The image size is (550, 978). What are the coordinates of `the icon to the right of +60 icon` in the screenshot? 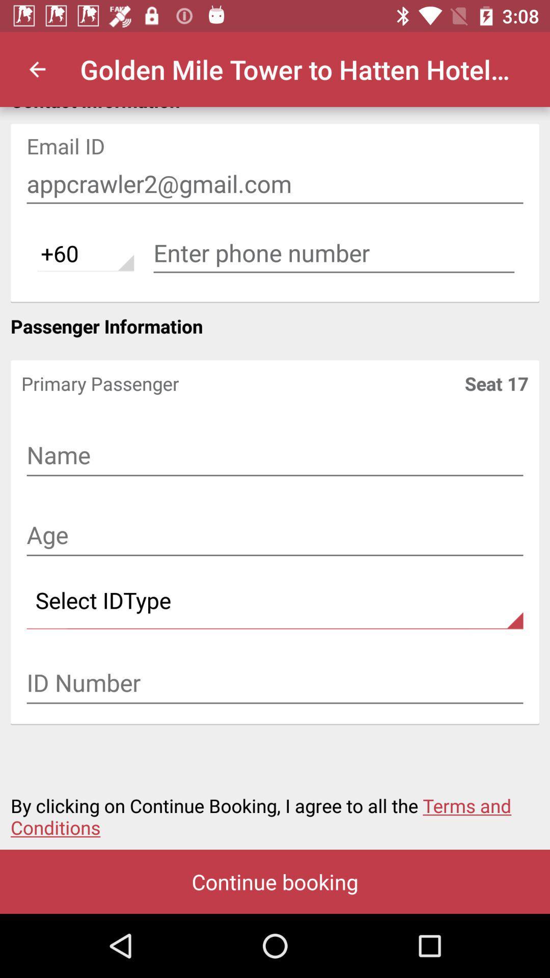 It's located at (334, 253).